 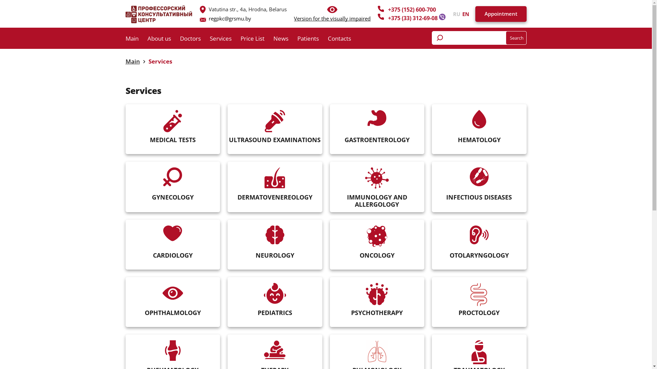 I want to click on 'GASTROENTEROLOGY', so click(x=376, y=129).